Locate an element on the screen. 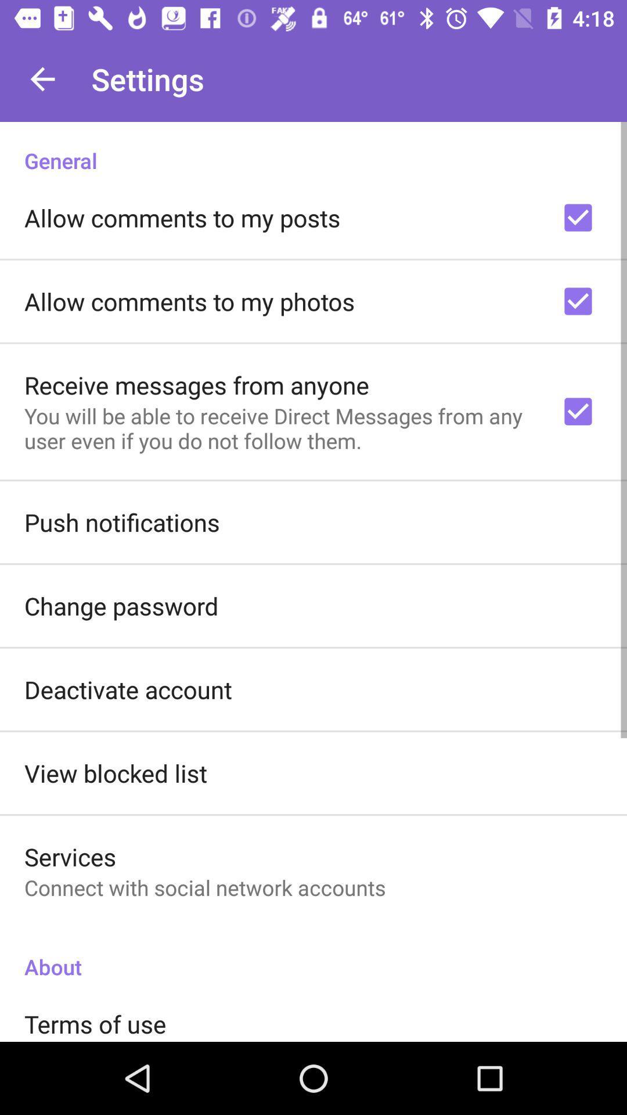 This screenshot has width=627, height=1115. item above general is located at coordinates (42, 78).